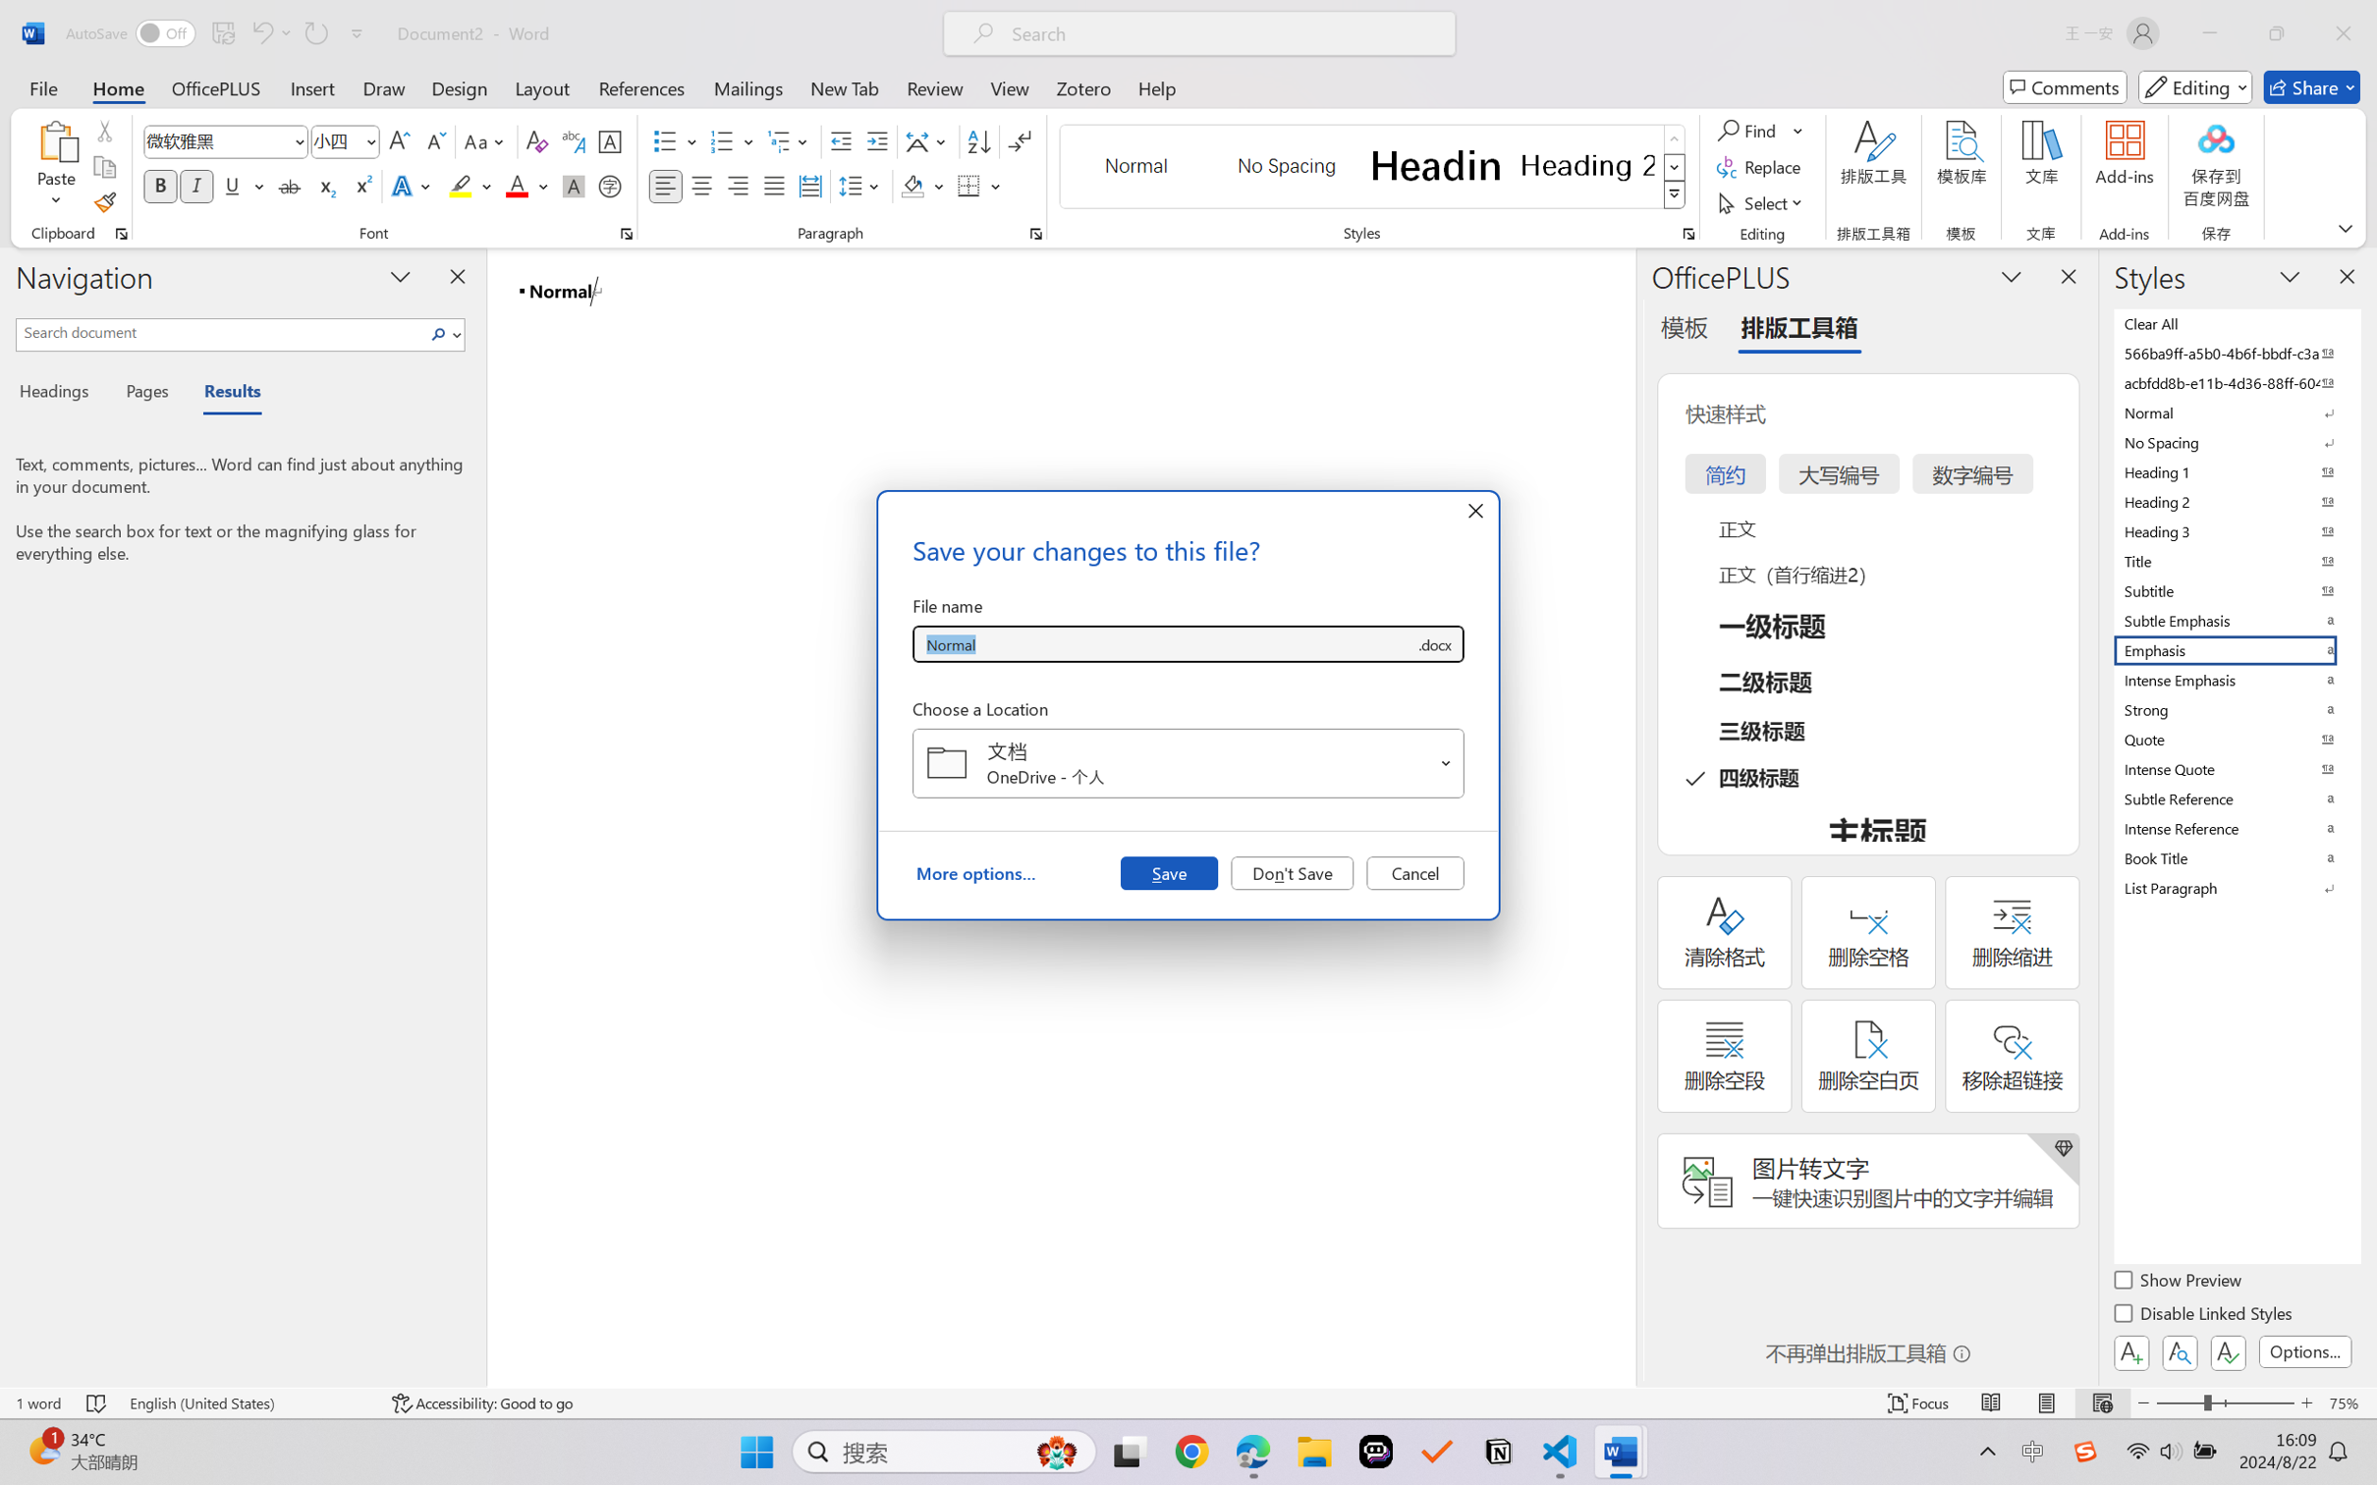 The image size is (2377, 1485). What do you see at coordinates (2310, 86) in the screenshot?
I see `'Share'` at bounding box center [2310, 86].